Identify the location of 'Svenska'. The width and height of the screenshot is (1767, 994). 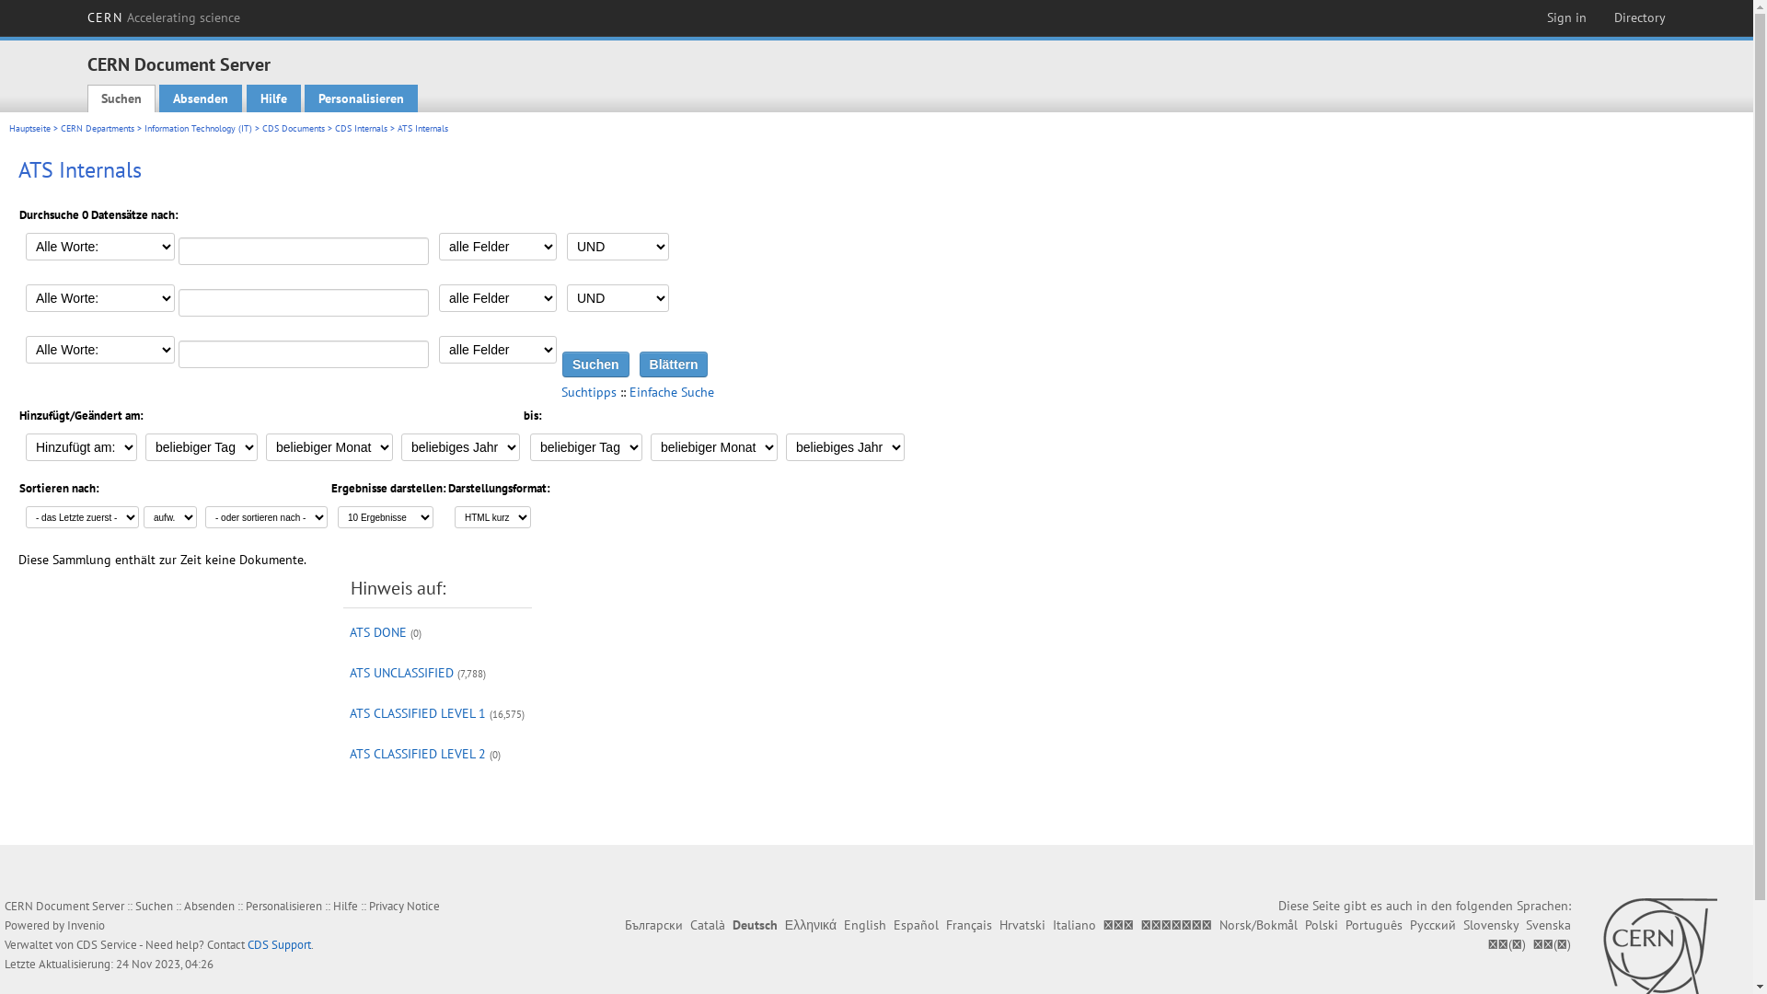
(1547, 925).